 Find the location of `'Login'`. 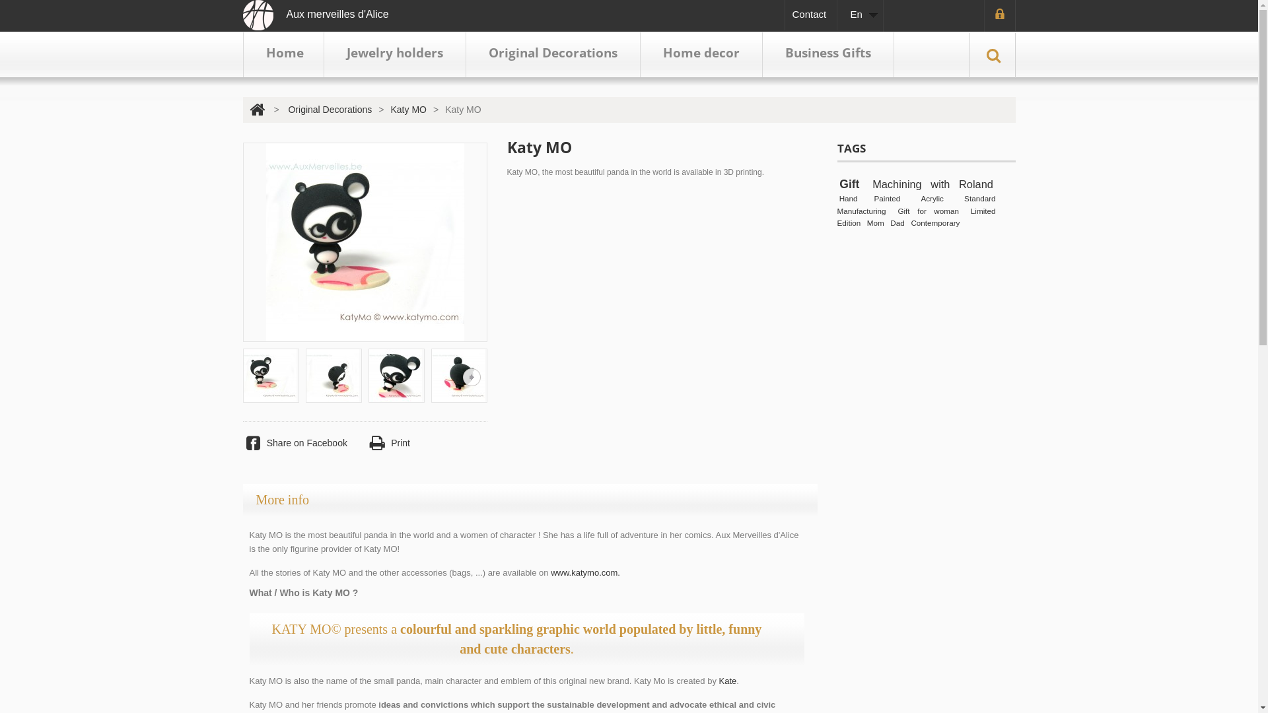

'Login' is located at coordinates (983, 15).